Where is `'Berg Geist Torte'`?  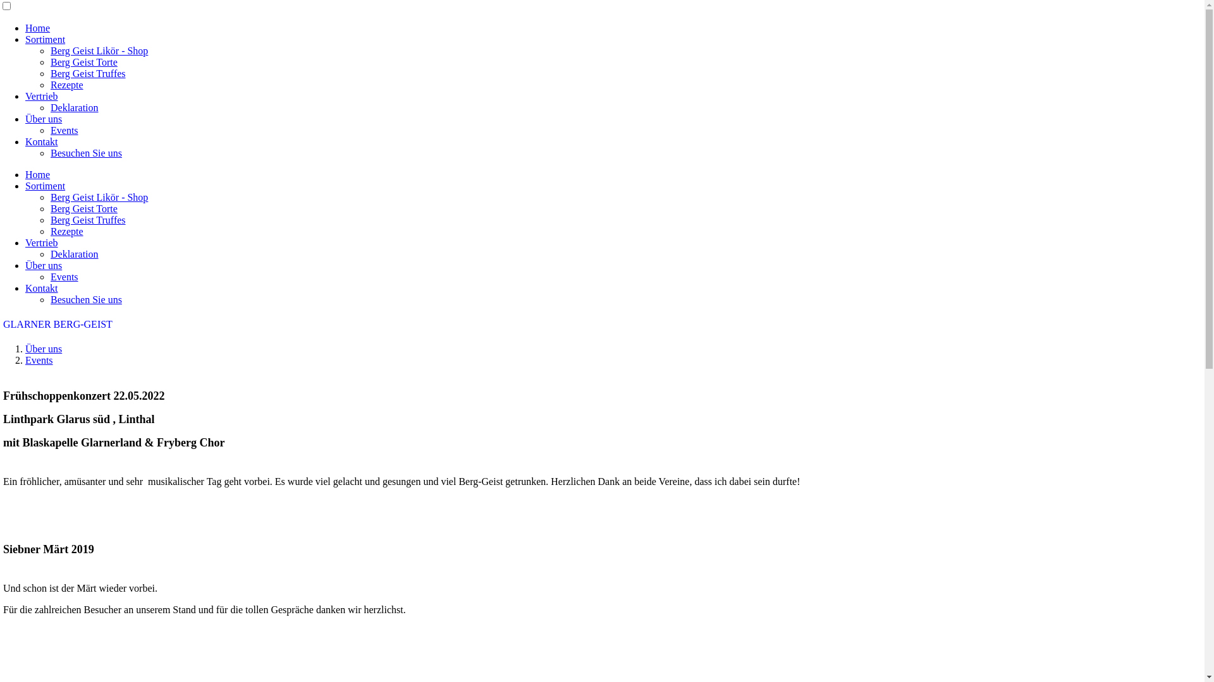 'Berg Geist Torte' is located at coordinates (83, 62).